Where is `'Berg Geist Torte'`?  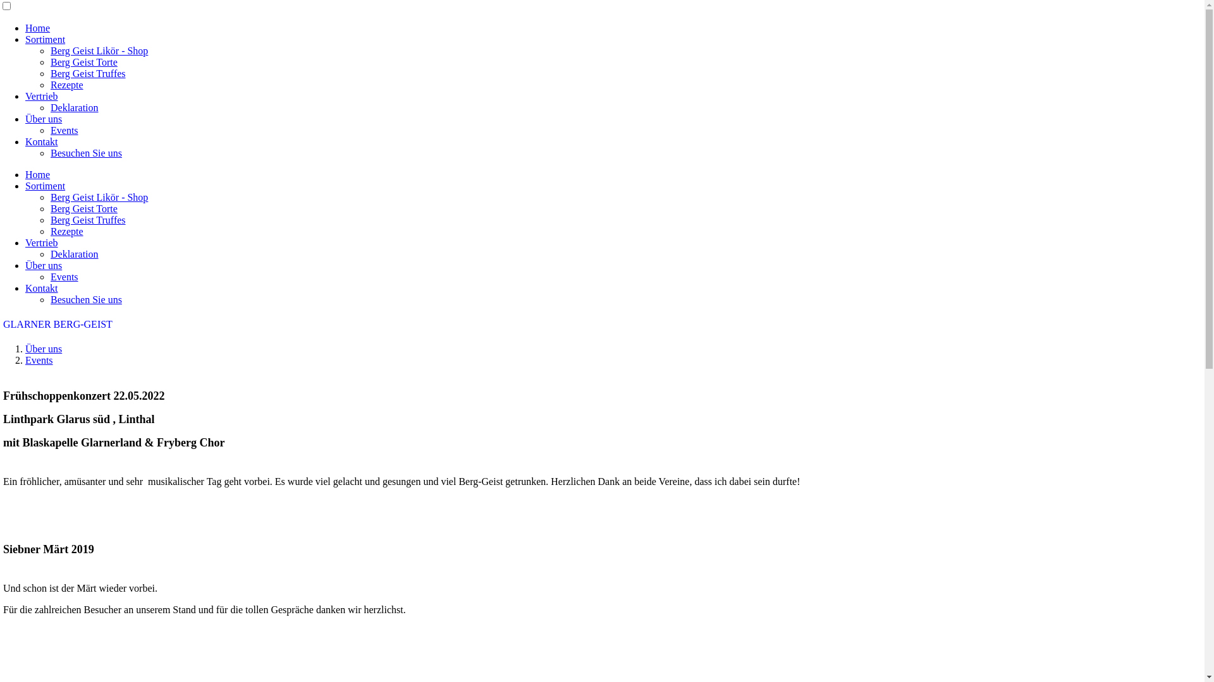 'Berg Geist Torte' is located at coordinates (83, 62).